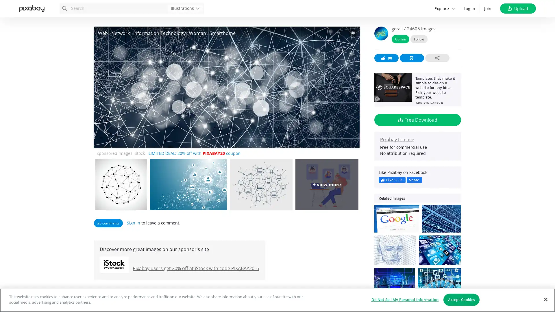  I want to click on Do Not Sell My Personal Information, so click(404, 299).